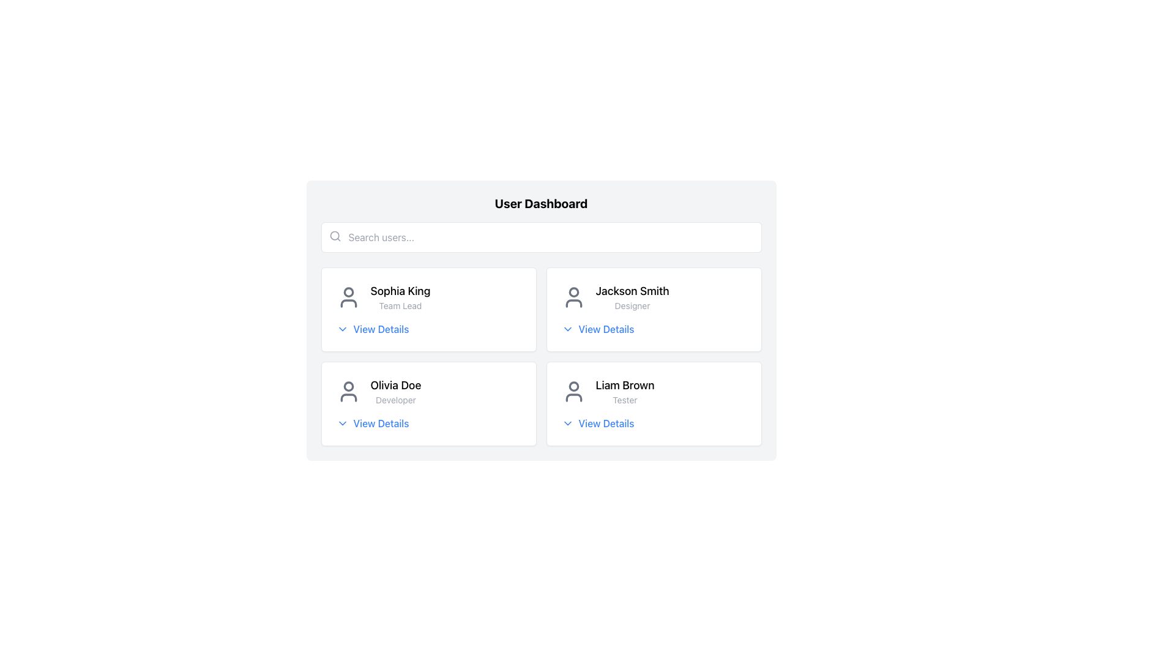 This screenshot has width=1175, height=661. Describe the element at coordinates (598, 422) in the screenshot. I see `the interactive link located at the bottom-right corner of the fourth card` at that location.